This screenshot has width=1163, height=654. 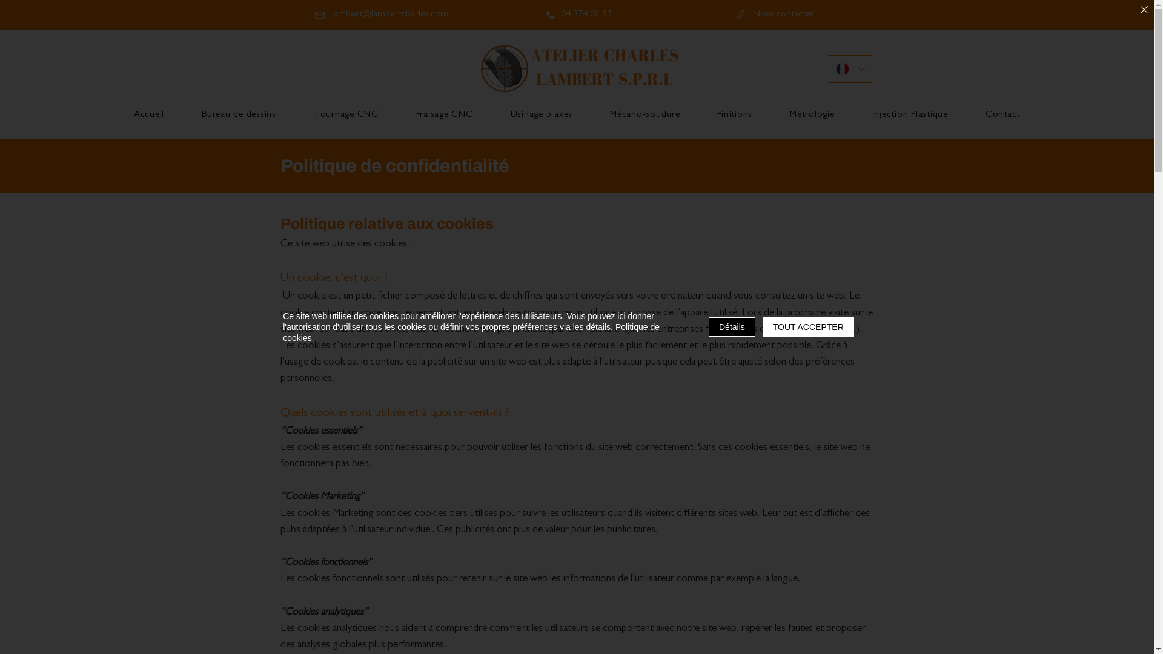 What do you see at coordinates (735, 116) in the screenshot?
I see `'Finitions'` at bounding box center [735, 116].